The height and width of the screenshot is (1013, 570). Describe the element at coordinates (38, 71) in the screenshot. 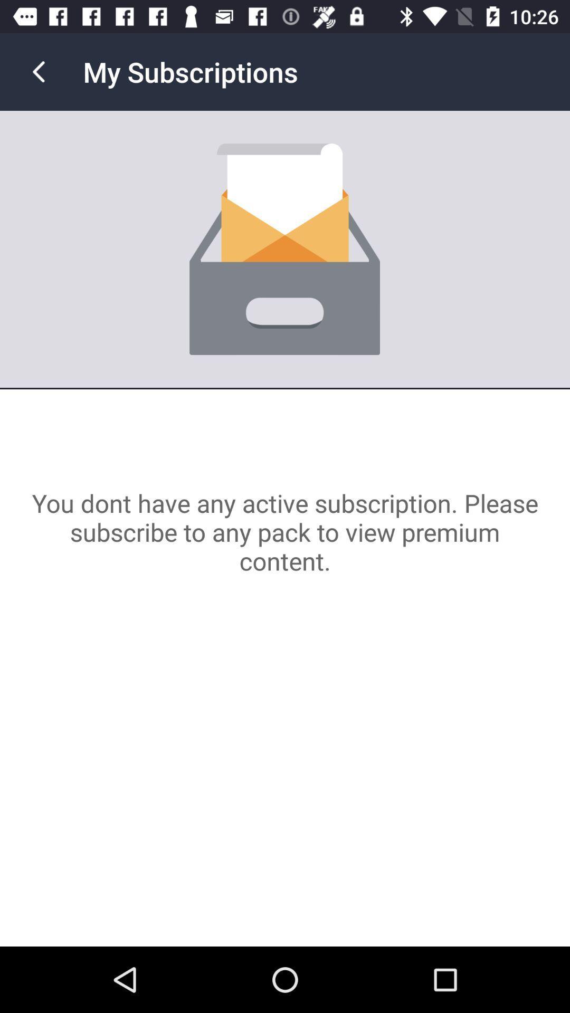

I see `app next to my subscriptions item` at that location.